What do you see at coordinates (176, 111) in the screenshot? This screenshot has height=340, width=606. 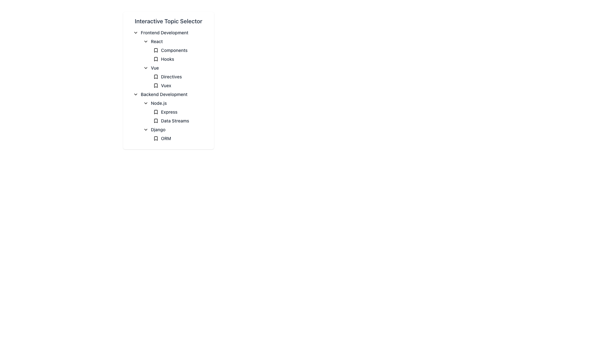 I see `the 'Express' list item under the 'Node.js' category` at bounding box center [176, 111].